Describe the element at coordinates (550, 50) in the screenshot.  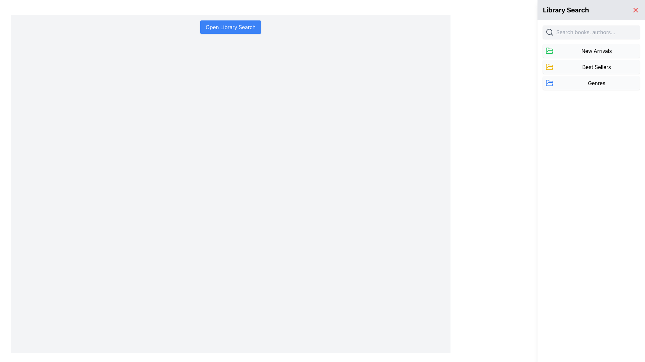
I see `the folder icon representing the 'New Arrivals' category in the library's interface` at that location.